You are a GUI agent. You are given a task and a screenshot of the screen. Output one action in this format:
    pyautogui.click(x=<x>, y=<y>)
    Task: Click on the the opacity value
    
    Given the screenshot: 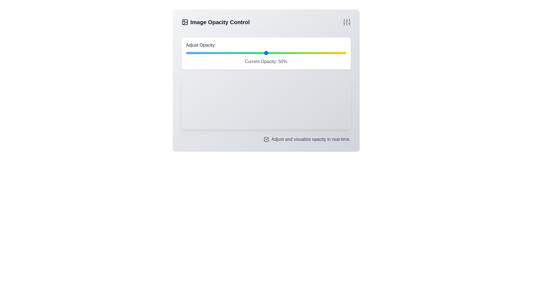 What is the action you would take?
    pyautogui.click(x=226, y=53)
    